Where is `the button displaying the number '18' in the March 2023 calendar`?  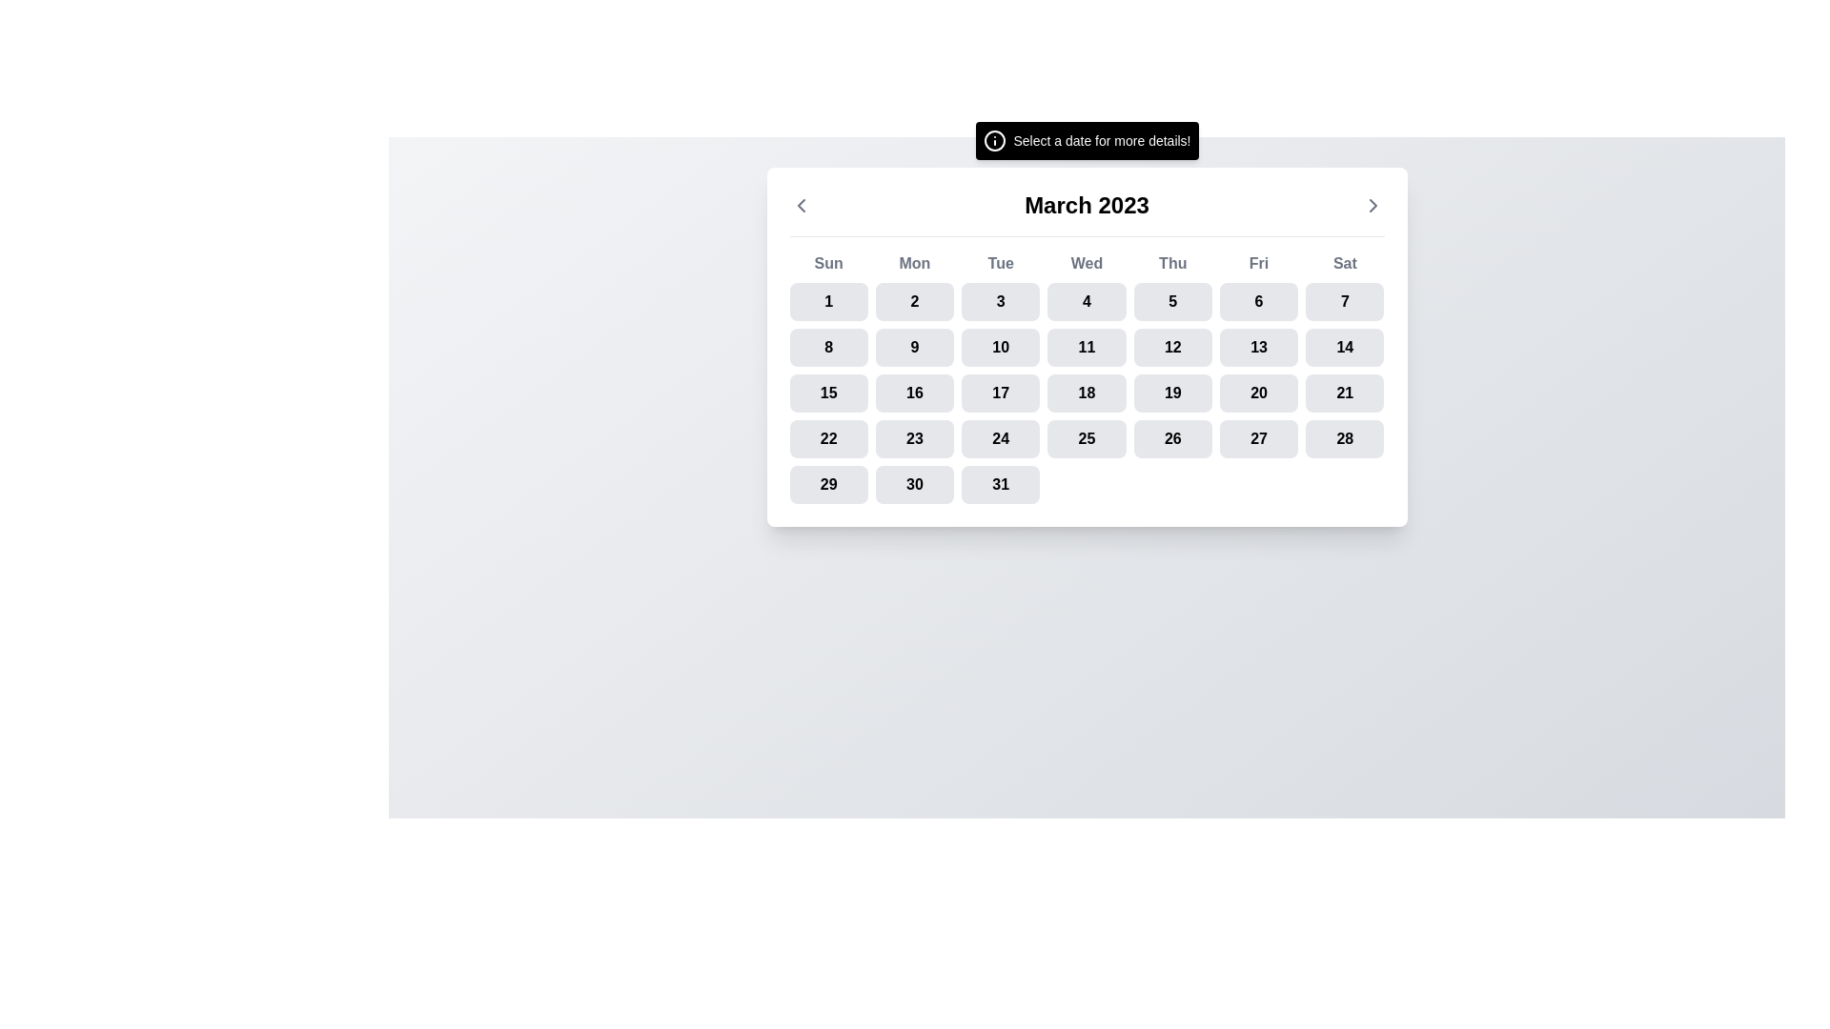
the button displaying the number '18' in the March 2023 calendar is located at coordinates (1087, 392).